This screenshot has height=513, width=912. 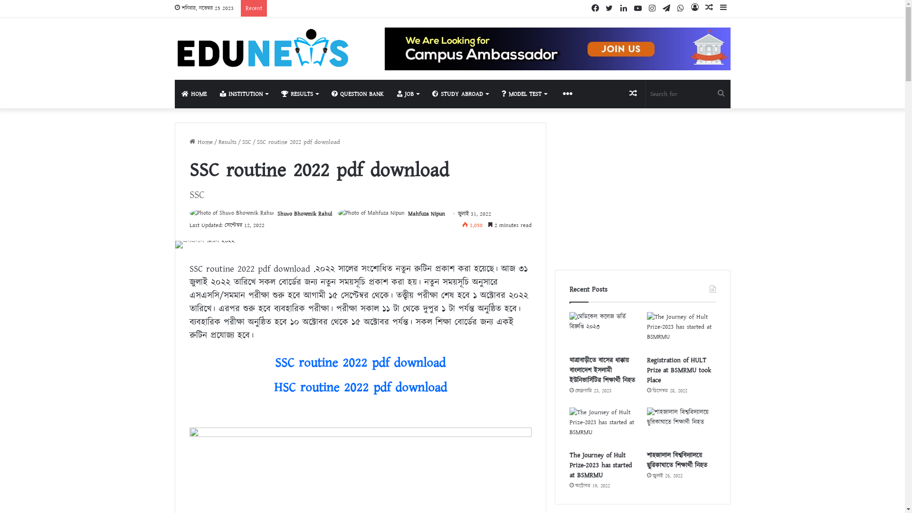 I want to click on 'Facebook', so click(x=588, y=9).